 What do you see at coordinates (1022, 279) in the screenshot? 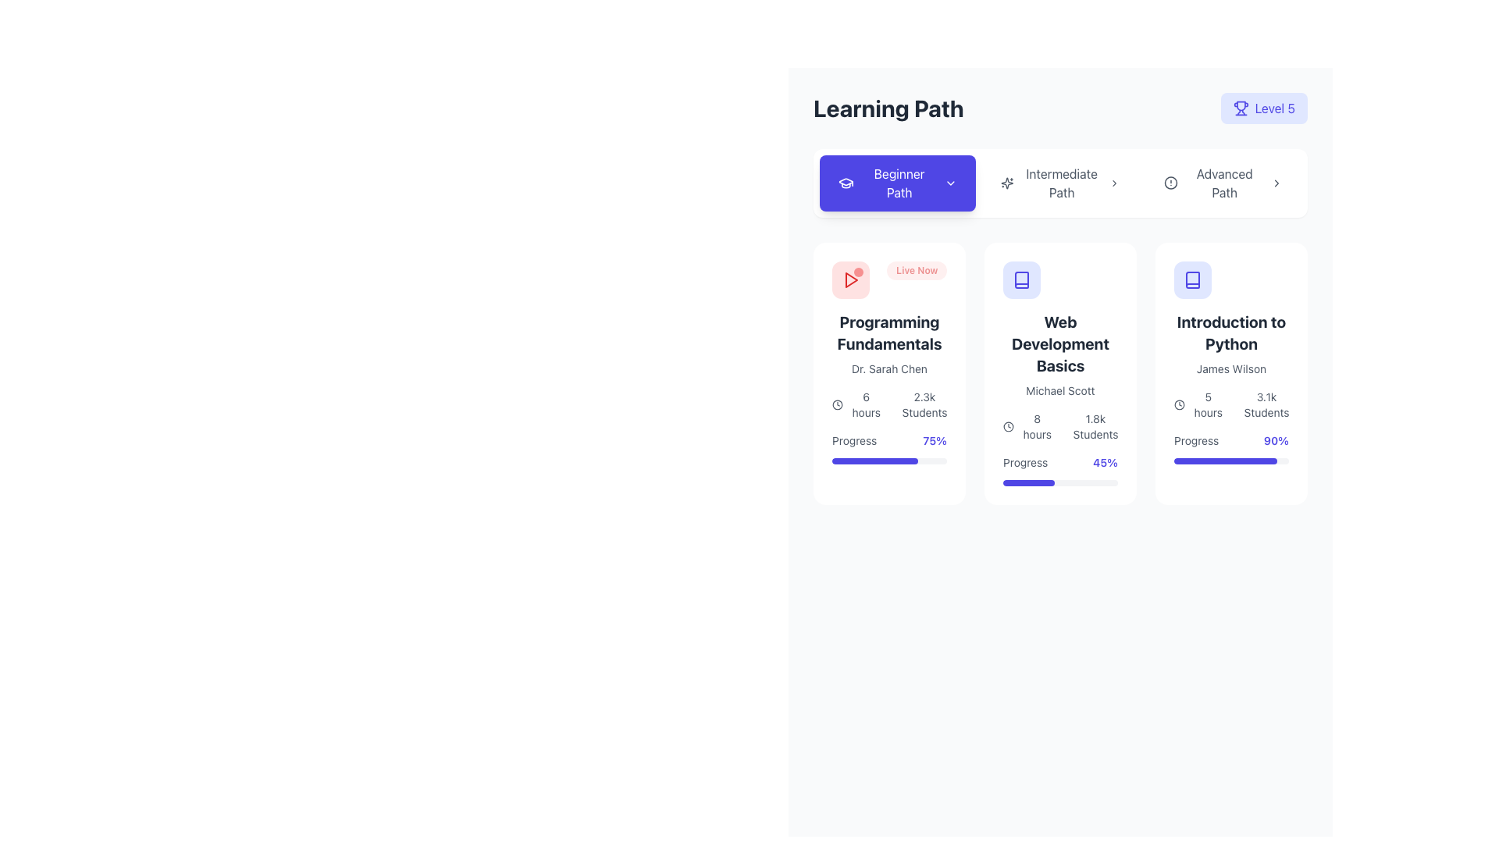
I see `the icon representing 'Web Development Basics' located in the card's header area, centered horizontally above the title` at bounding box center [1022, 279].